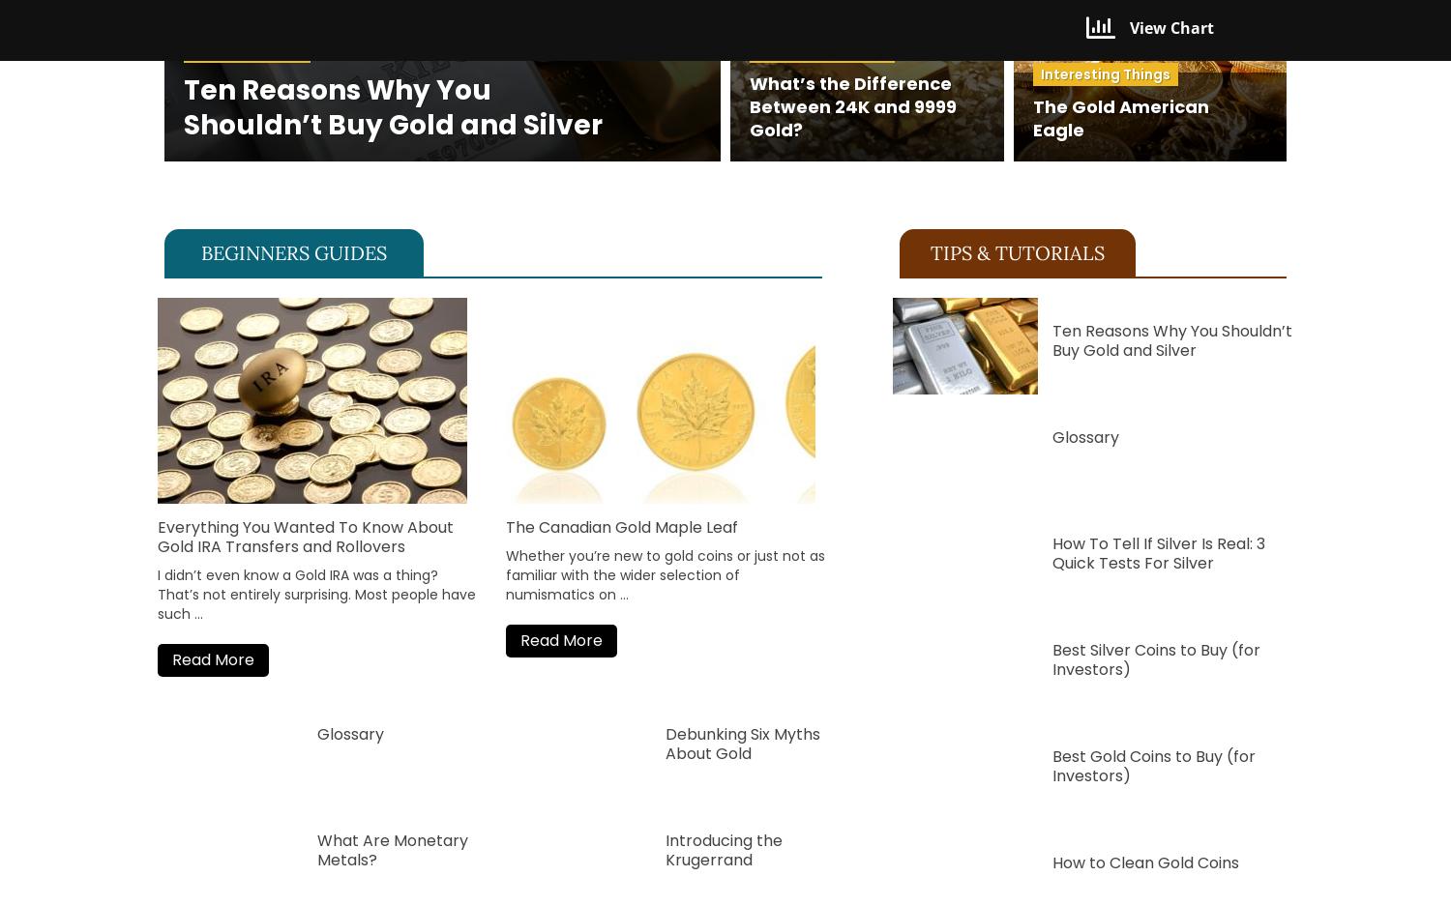 The width and height of the screenshot is (1451, 906). Describe the element at coordinates (304, 536) in the screenshot. I see `'Everything You Wanted To Know About Gold IRA Transfers and Rollovers'` at that location.